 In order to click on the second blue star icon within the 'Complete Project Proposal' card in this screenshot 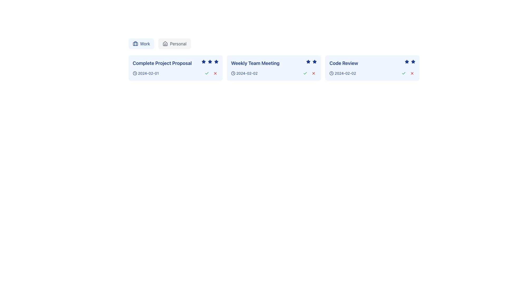, I will do `click(216, 61)`.